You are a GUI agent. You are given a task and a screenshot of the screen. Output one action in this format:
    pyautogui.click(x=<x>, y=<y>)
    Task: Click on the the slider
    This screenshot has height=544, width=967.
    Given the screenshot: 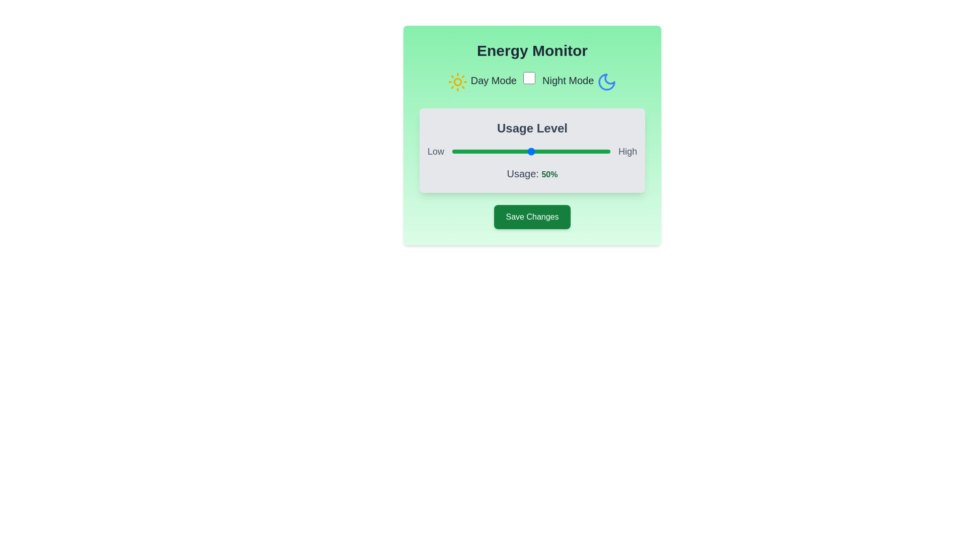 What is the action you would take?
    pyautogui.click(x=549, y=151)
    